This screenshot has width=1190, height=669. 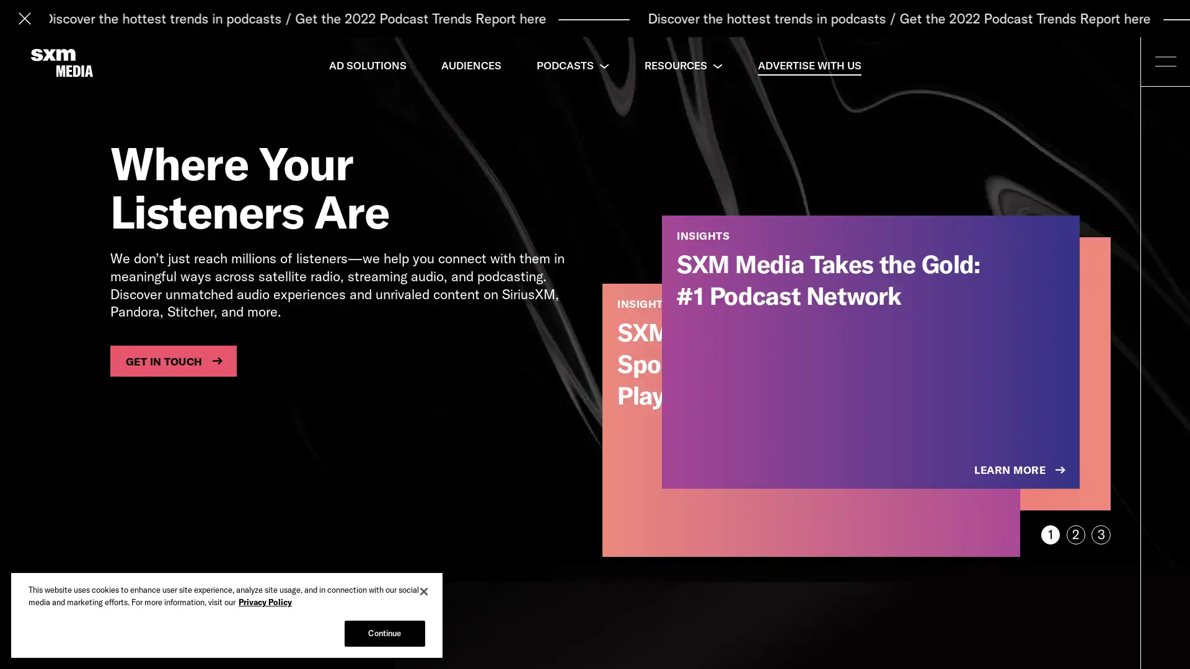 What do you see at coordinates (1075, 534) in the screenshot?
I see `2` at bounding box center [1075, 534].